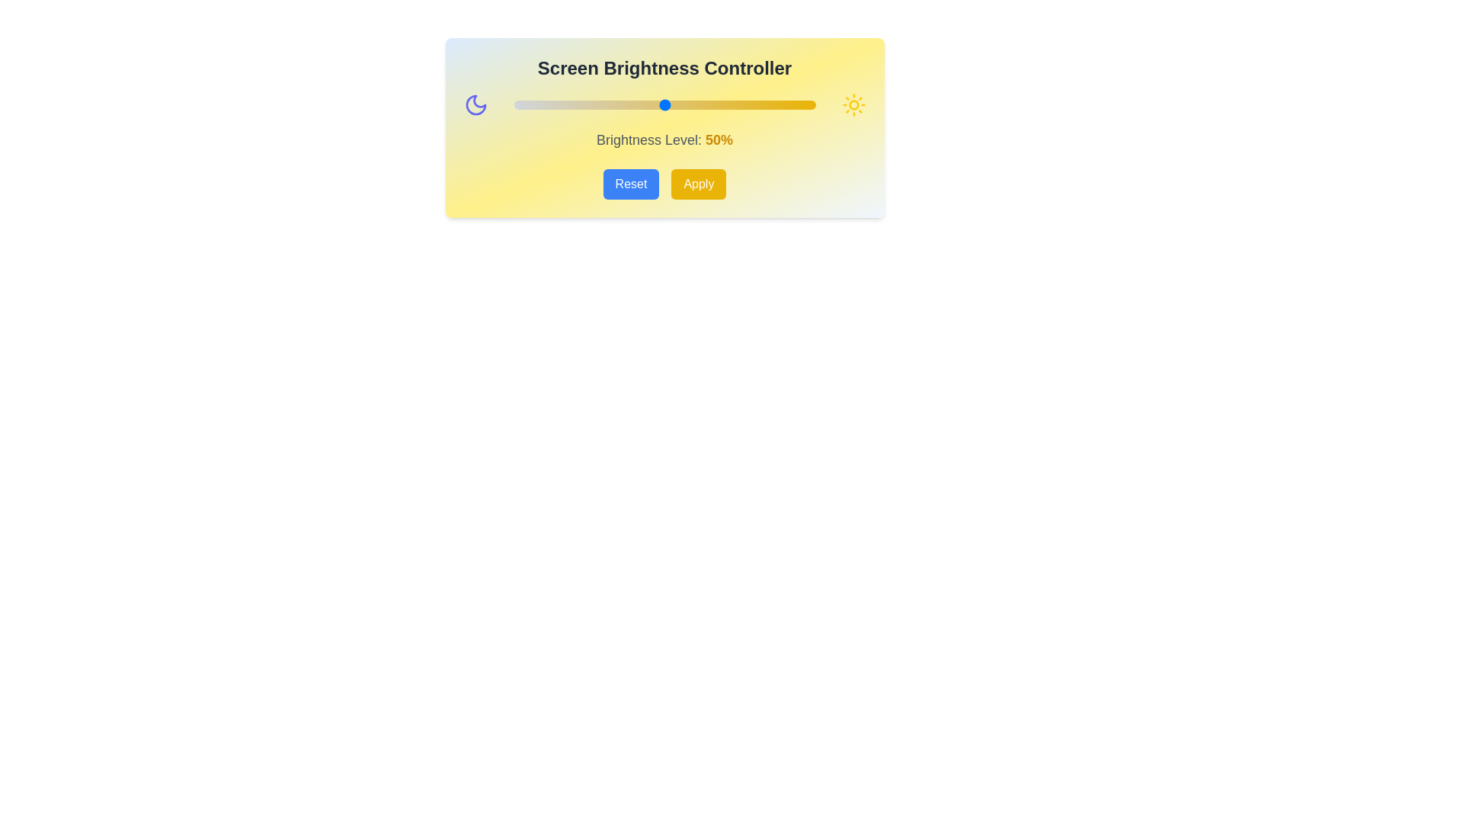  Describe the element at coordinates (475, 104) in the screenshot. I see `the moon icon to interact with it` at that location.